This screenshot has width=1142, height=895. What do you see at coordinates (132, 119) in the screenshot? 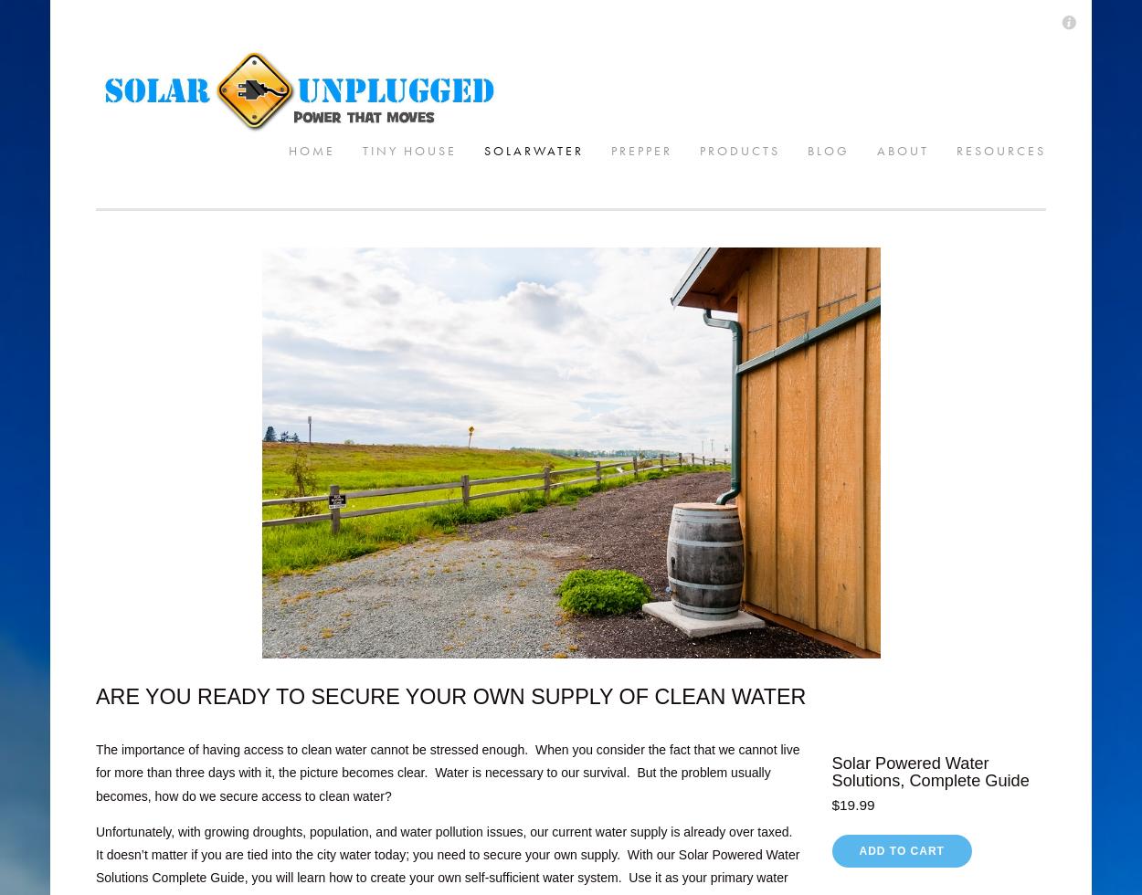
I see `'SolarWater'` at bounding box center [132, 119].